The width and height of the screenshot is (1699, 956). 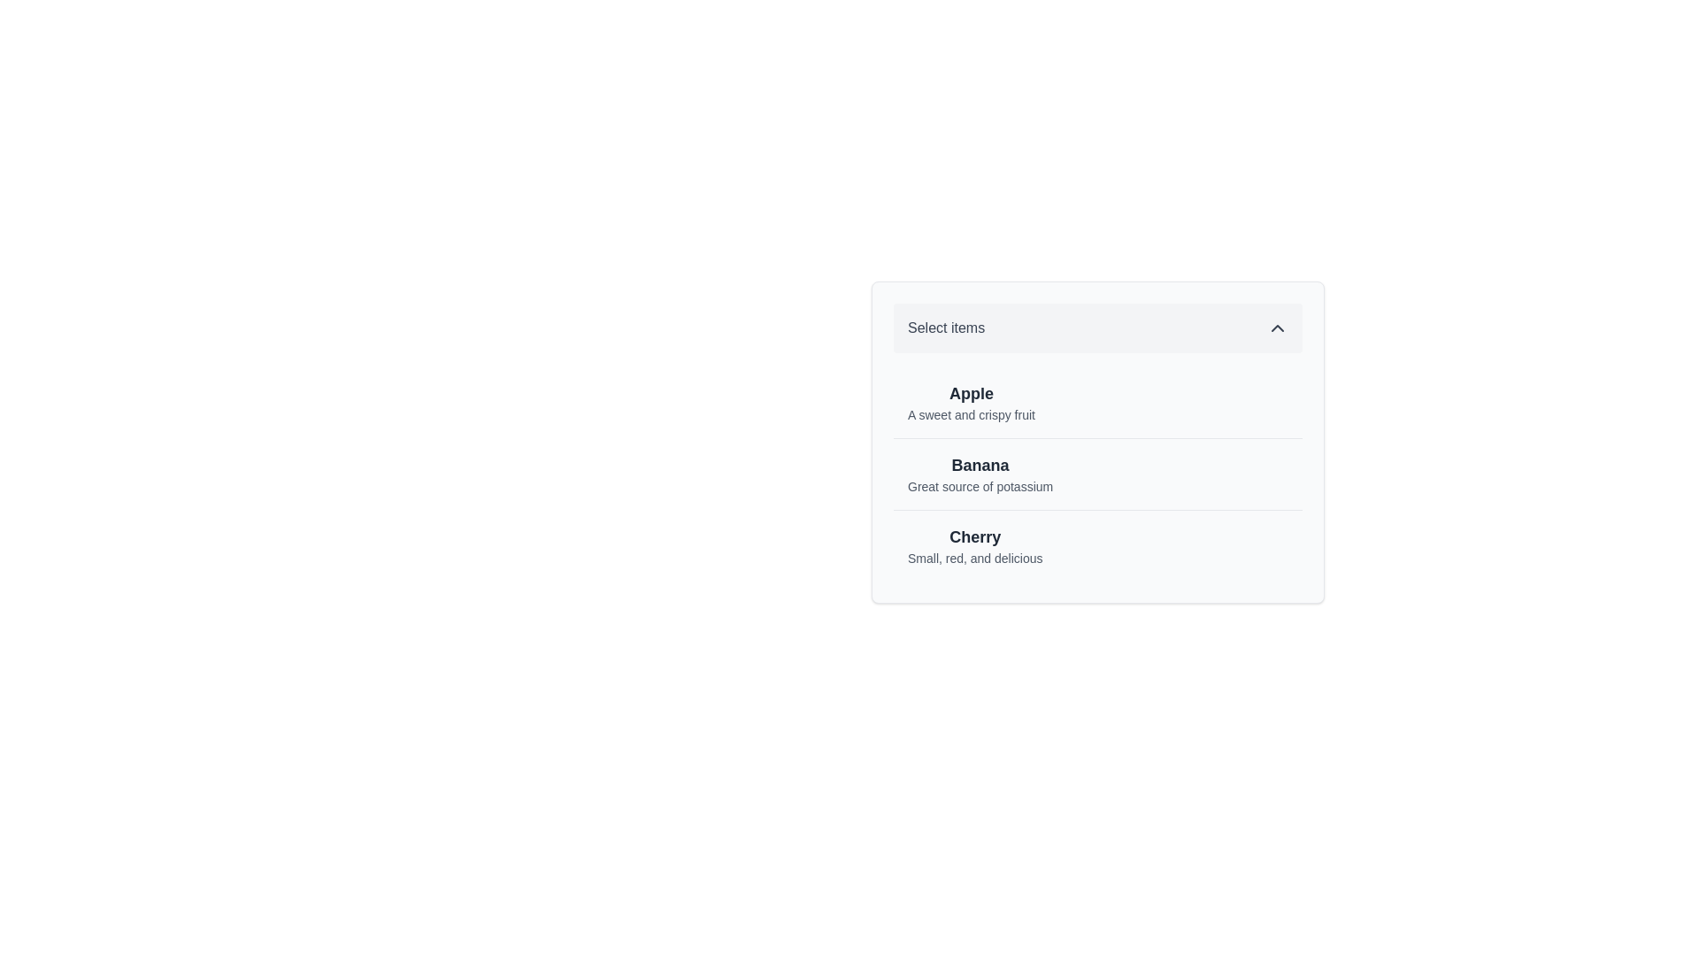 What do you see at coordinates (974, 545) in the screenshot?
I see `descriptive text of the Label with description element that contains 'Cherry' and 'Small, red, and delicious' located in the dropdown panel as the last item in the list` at bounding box center [974, 545].